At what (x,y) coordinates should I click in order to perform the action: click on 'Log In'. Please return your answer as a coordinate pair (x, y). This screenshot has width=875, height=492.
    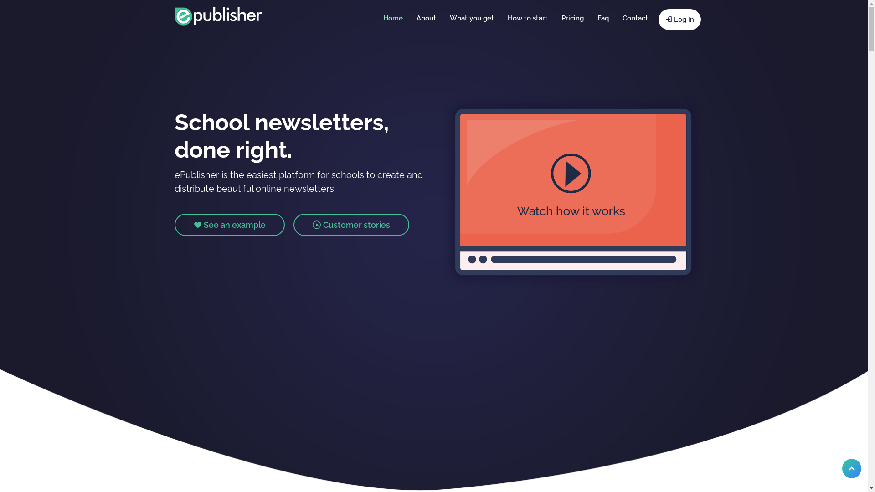
    Looking at the image, I should click on (679, 19).